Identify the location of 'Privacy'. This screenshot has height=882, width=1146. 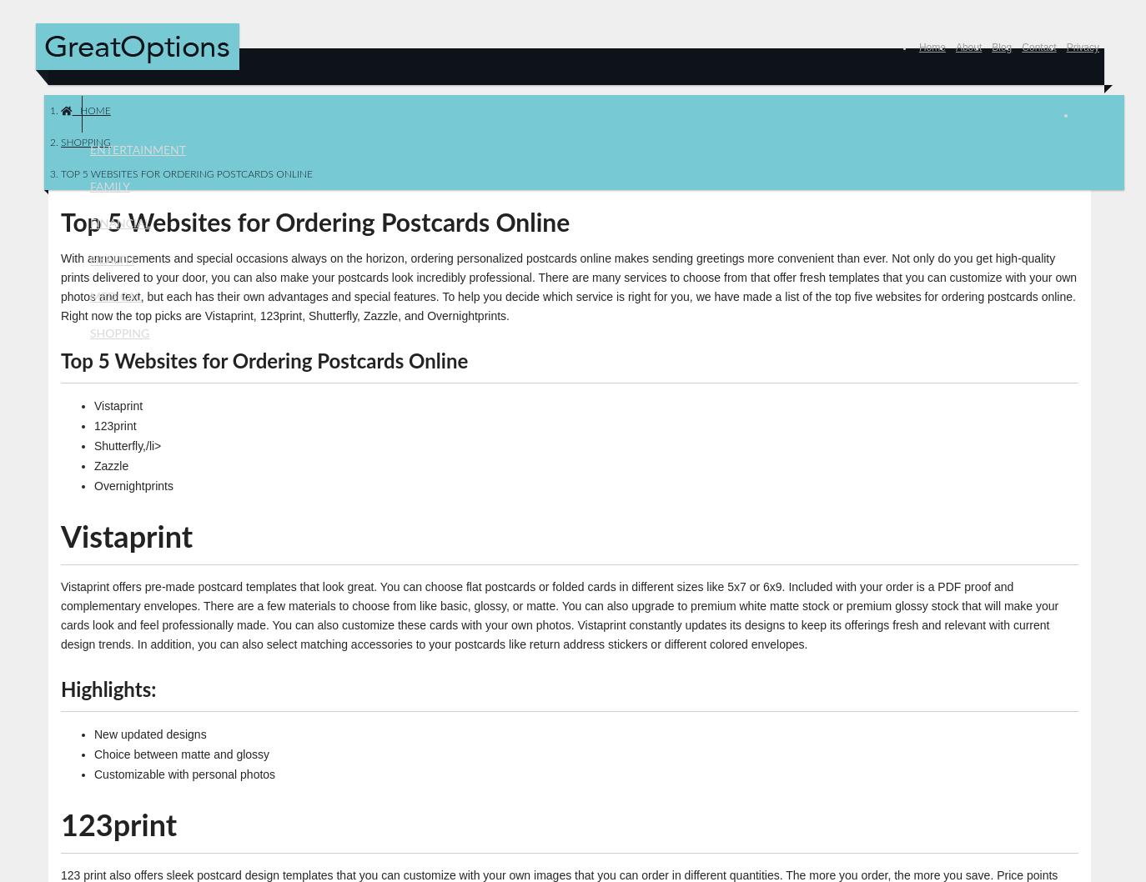
(1083, 48).